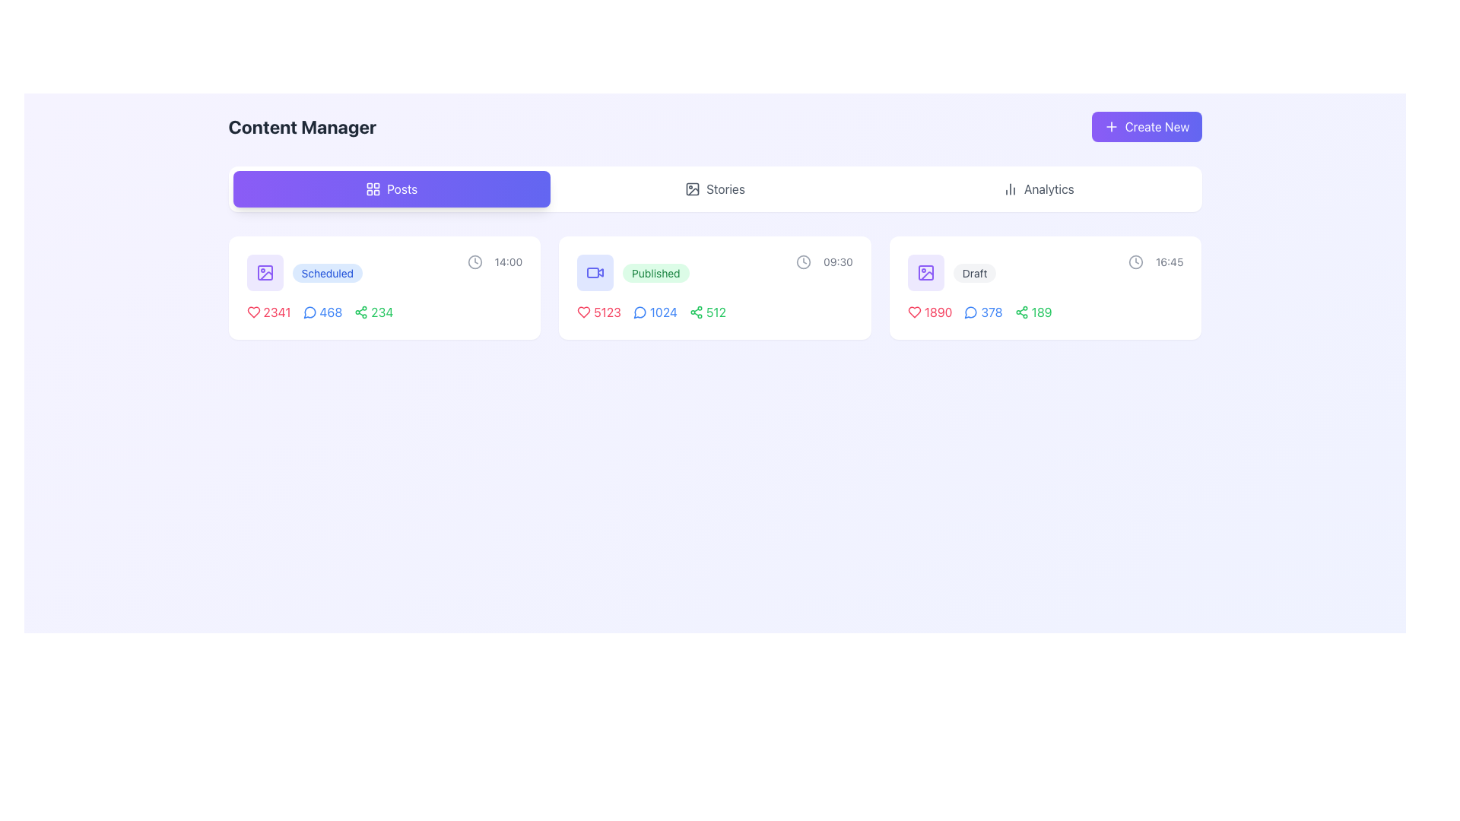  I want to click on displayed number of likes or favorites from the Counter with the red heart icon, located to the left of the blue speech bubble icon containing the number '1024', so click(598, 312).